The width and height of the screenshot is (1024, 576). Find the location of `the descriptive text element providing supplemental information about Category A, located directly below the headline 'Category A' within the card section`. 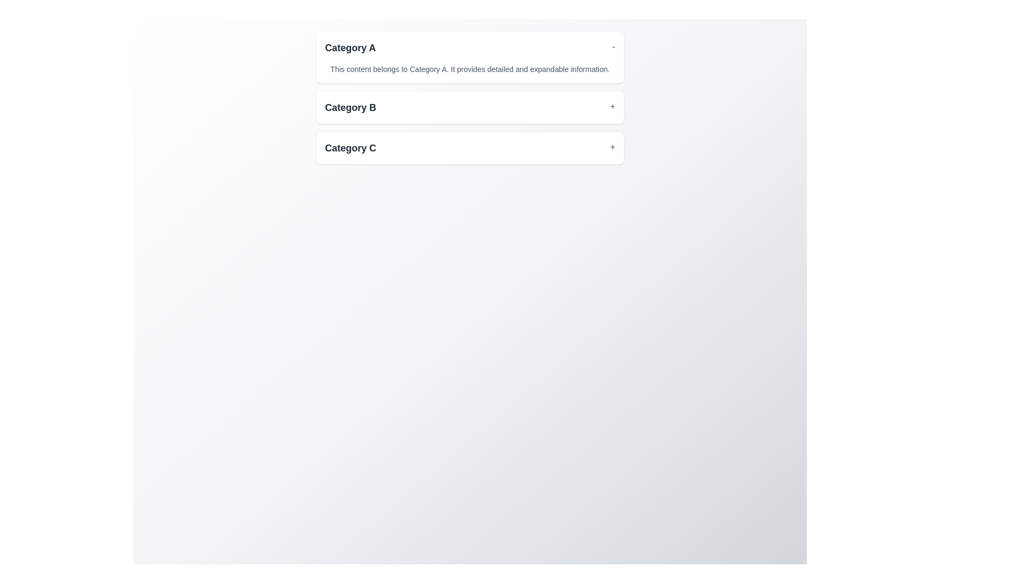

the descriptive text element providing supplemental information about Category A, located directly below the headline 'Category A' within the card section is located at coordinates (469, 65).